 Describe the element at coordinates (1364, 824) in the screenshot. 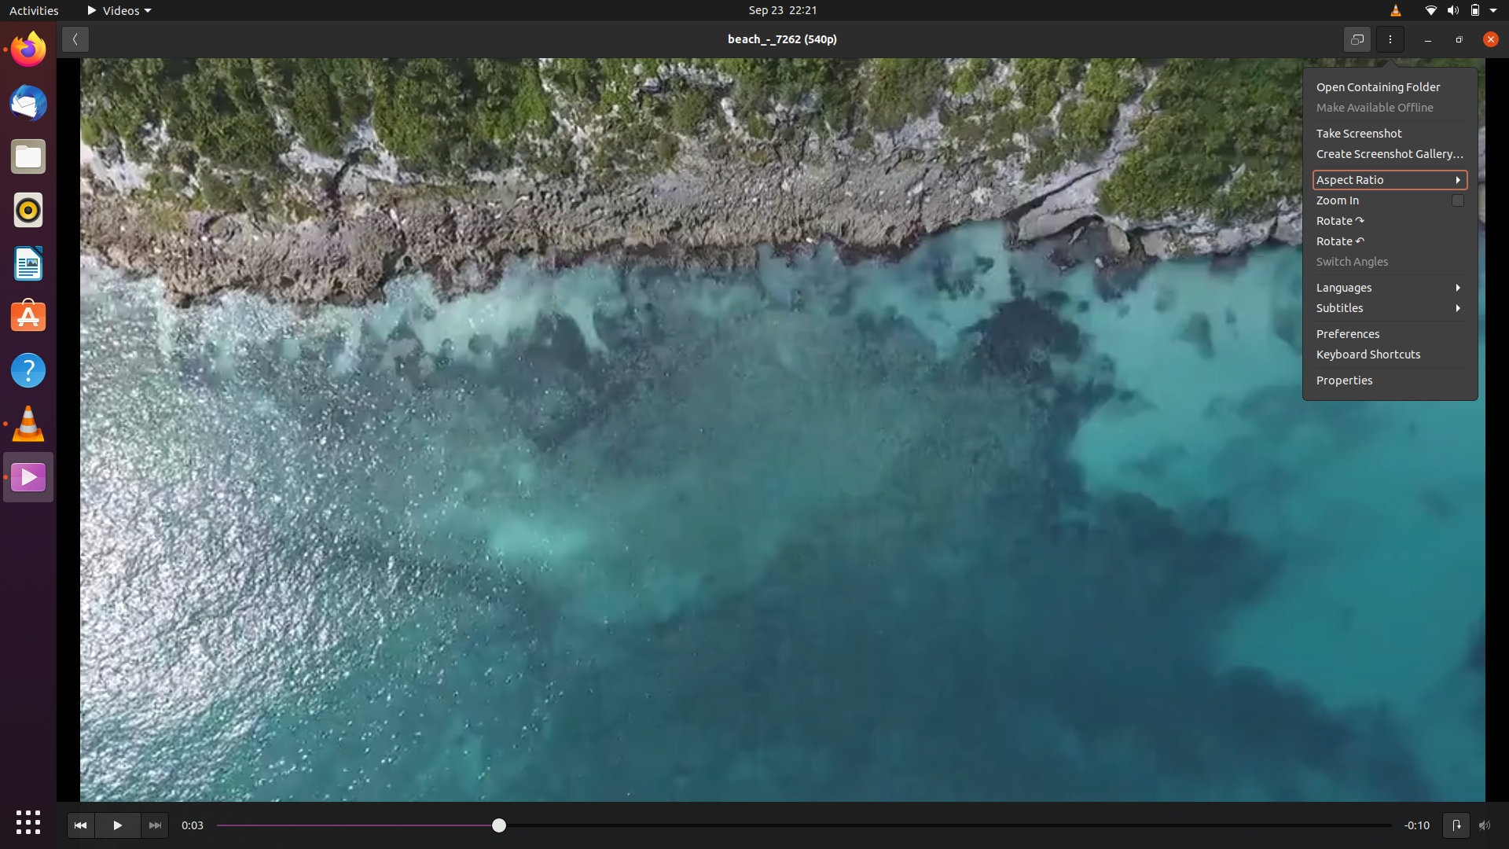

I see `Go to the finishing point of the playing video` at that location.